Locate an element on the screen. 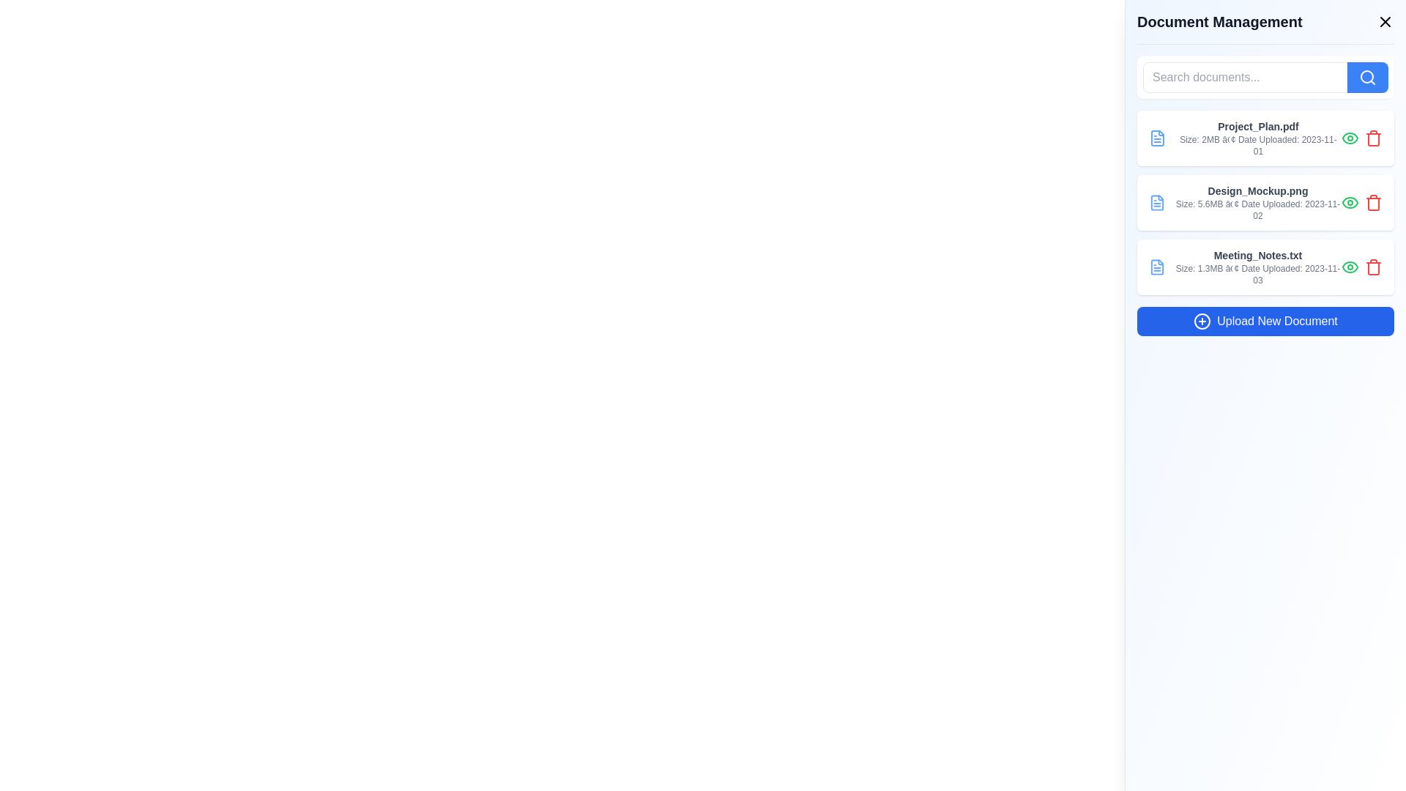  the icon element that resembles a circle with a plus sign inside, located to the left of the 'Upload New Document' button is located at coordinates (1202, 321).